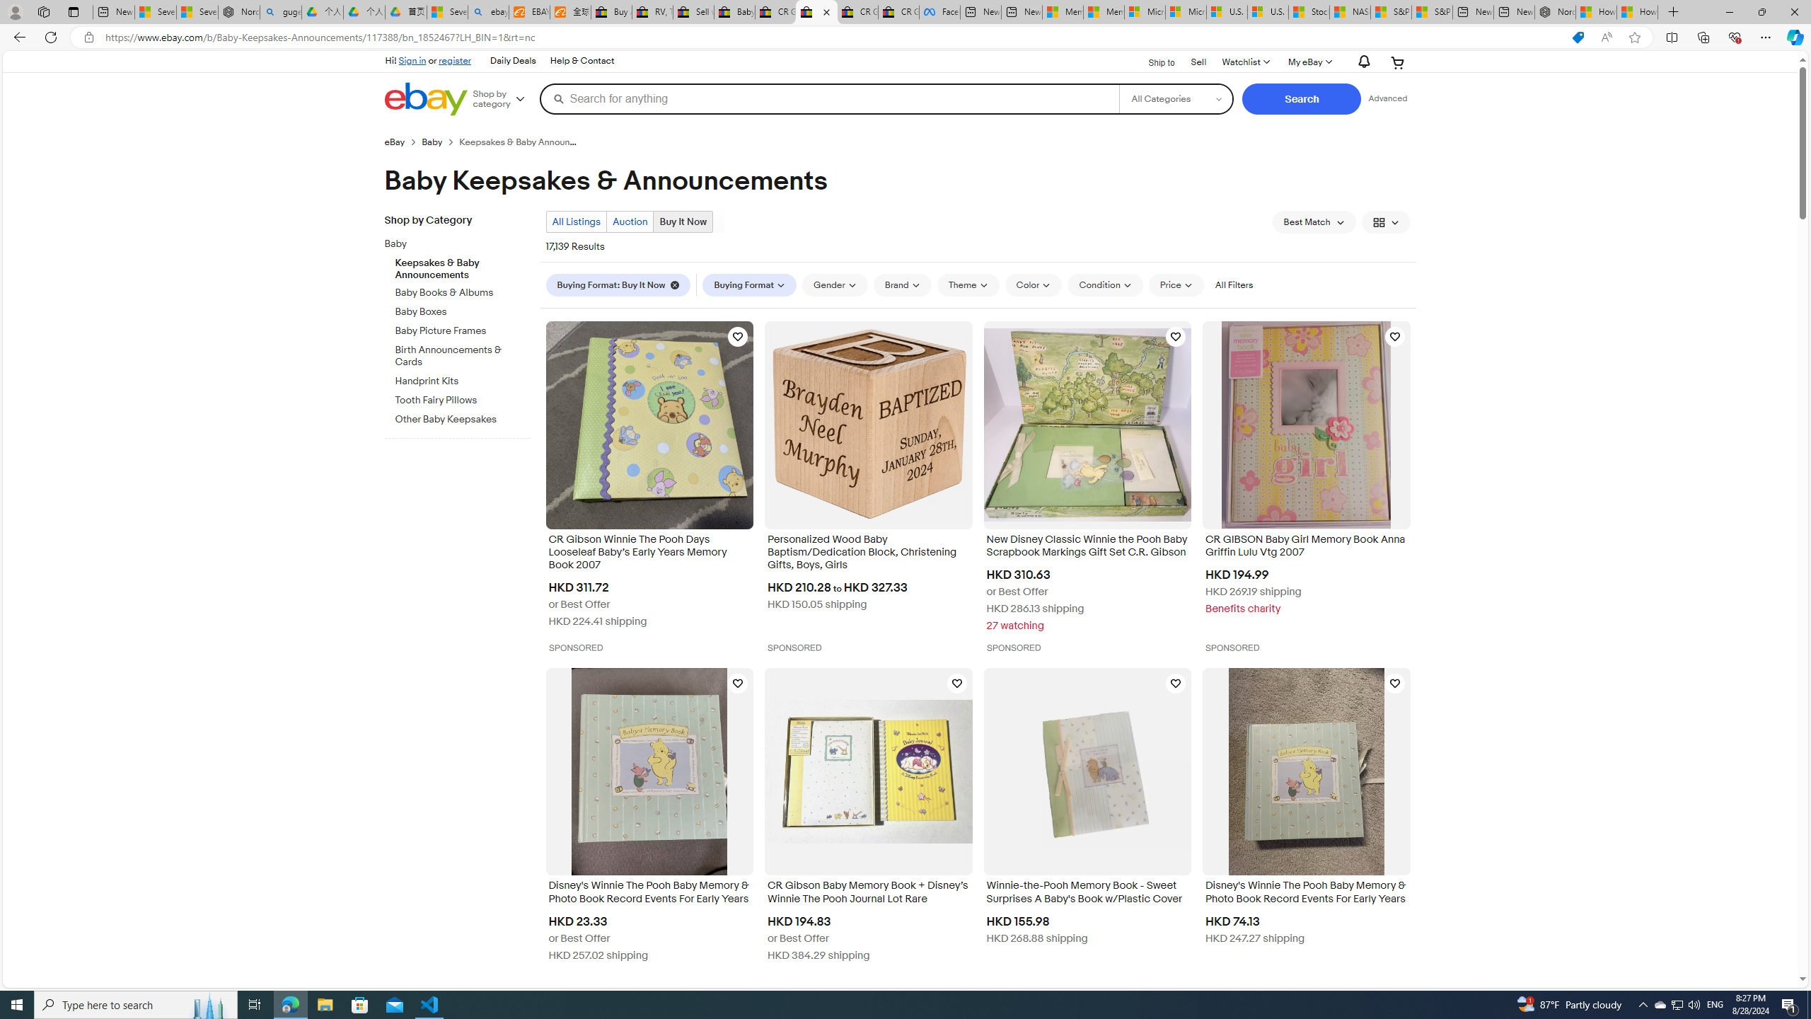 This screenshot has width=1811, height=1019. Describe the element at coordinates (462, 289) in the screenshot. I see `'Baby Books & Albums'` at that location.